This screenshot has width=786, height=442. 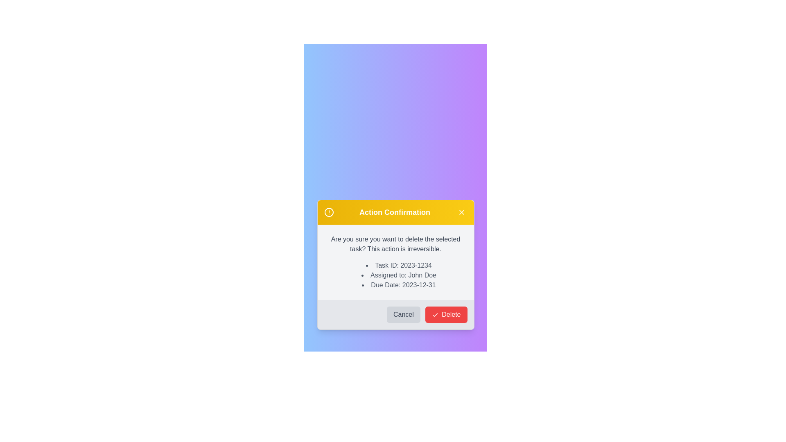 What do you see at coordinates (461, 212) in the screenshot?
I see `the close Icon button located on the rightmost edge of the yellow header bar of the dialog box` at bounding box center [461, 212].